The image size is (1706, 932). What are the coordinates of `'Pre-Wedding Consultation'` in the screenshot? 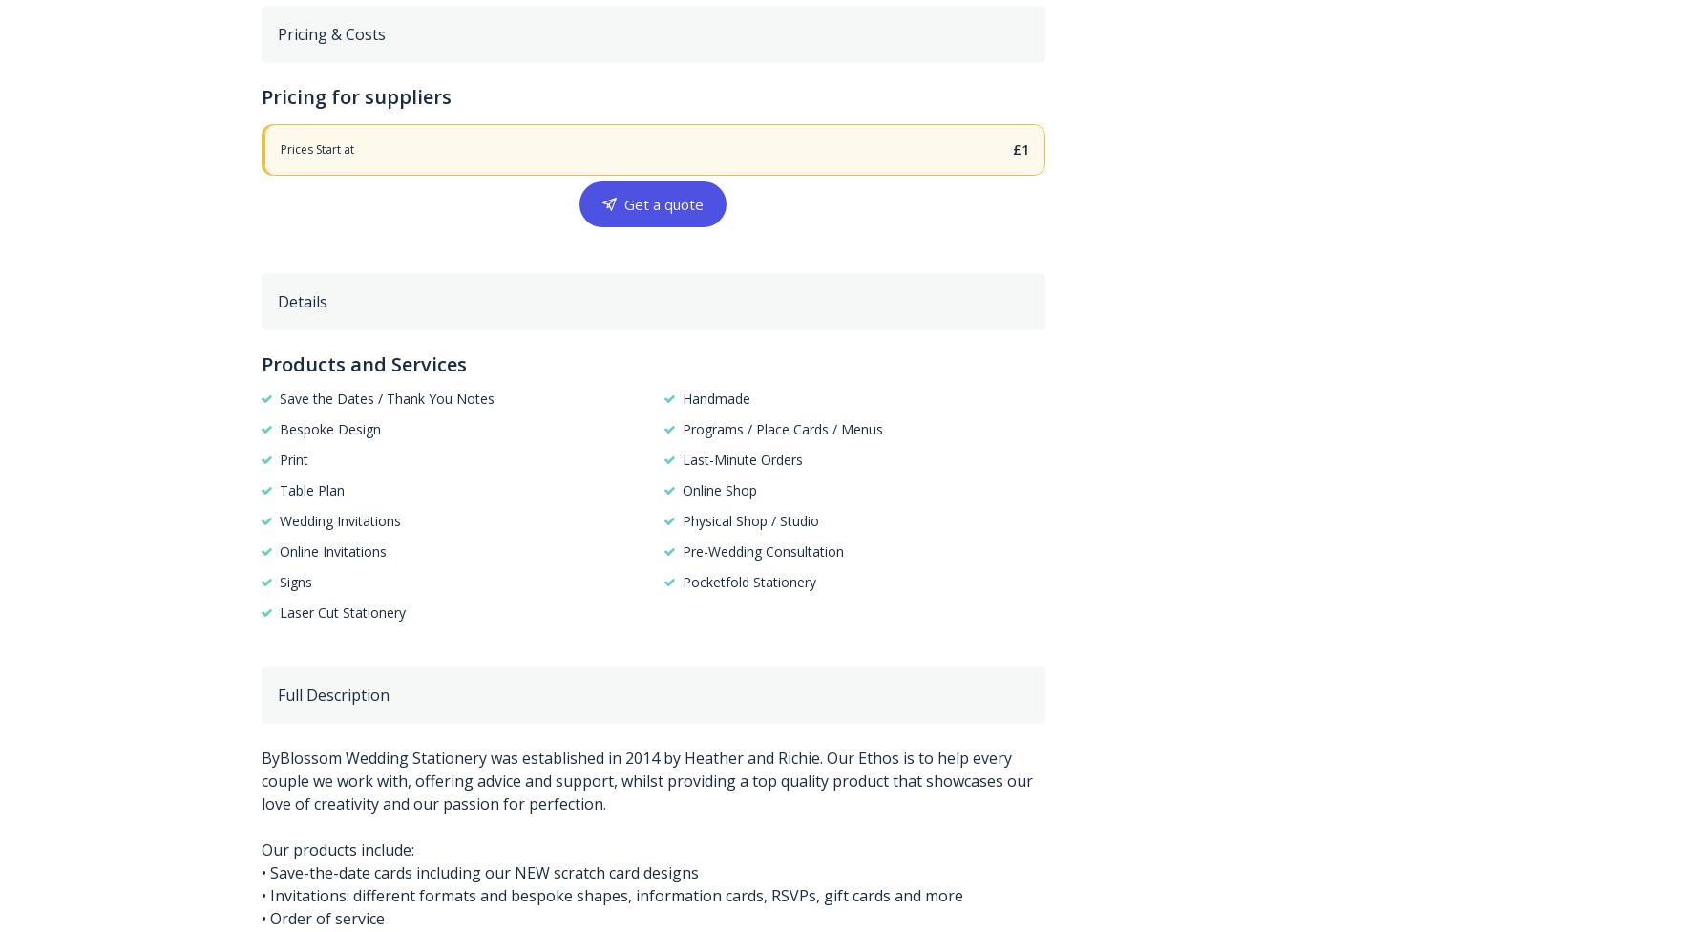 It's located at (763, 550).